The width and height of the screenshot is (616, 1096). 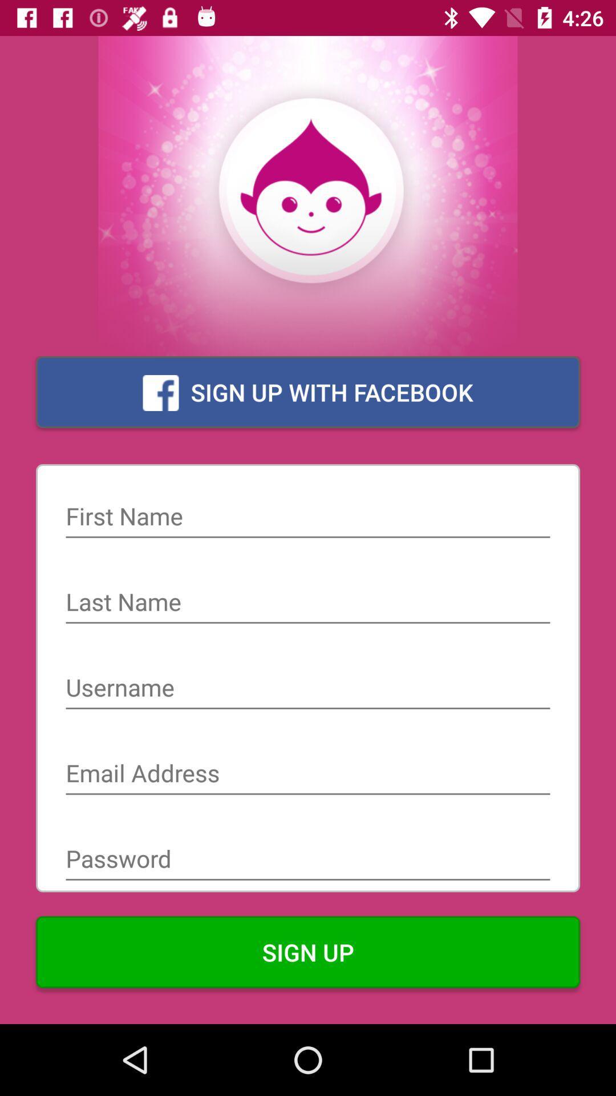 I want to click on username textbox, so click(x=308, y=688).